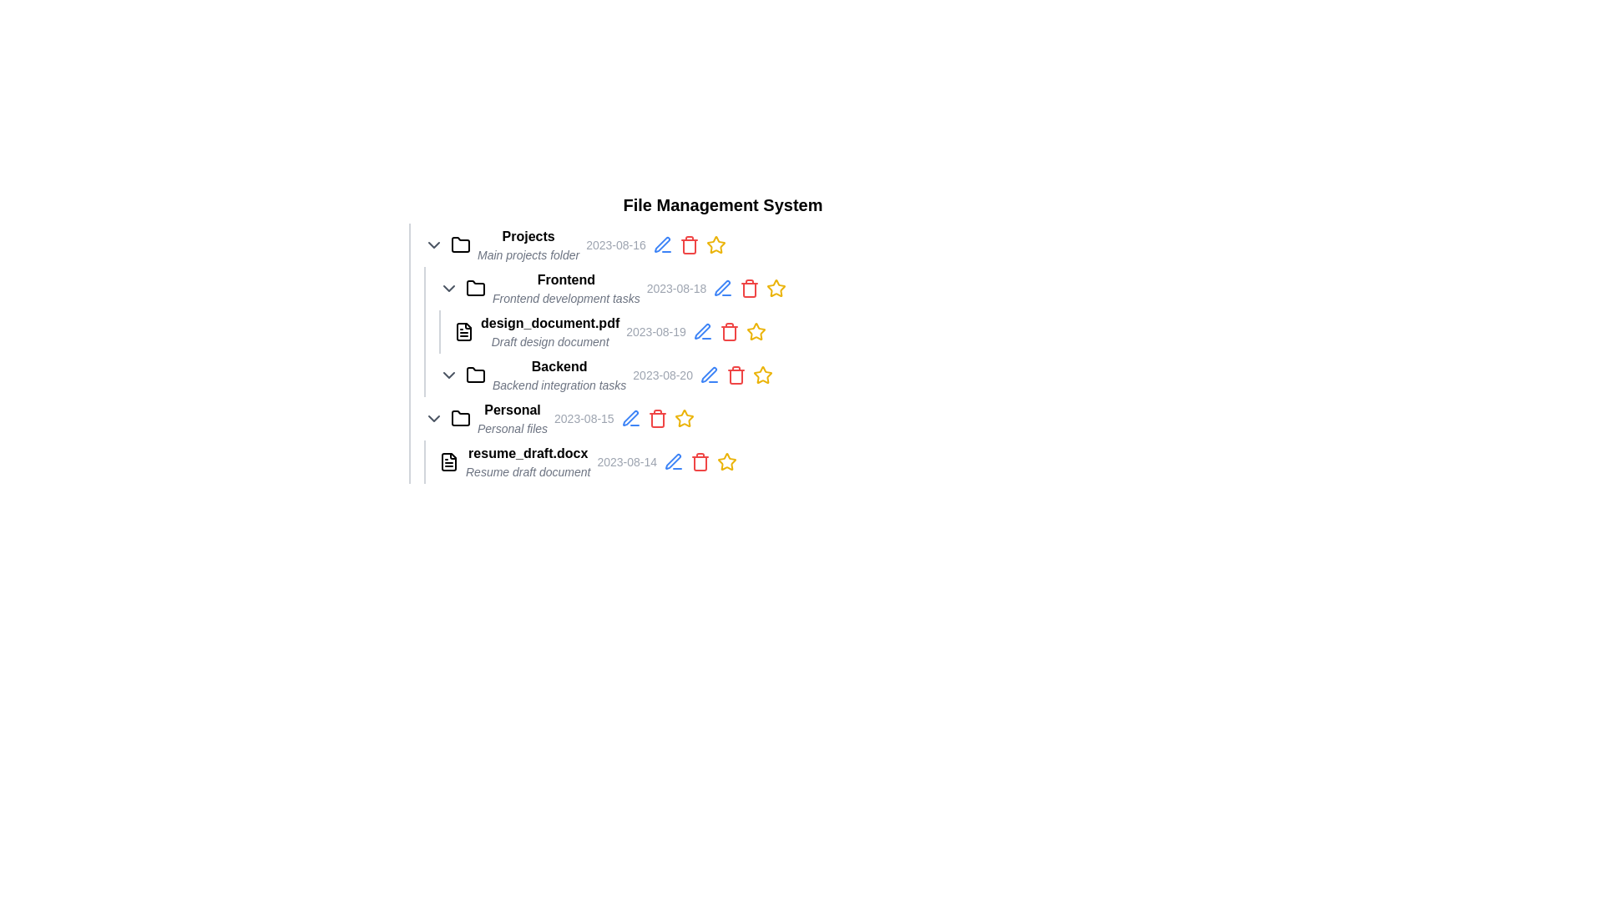 This screenshot has width=1603, height=901. What do you see at coordinates (716, 244) in the screenshot?
I see `the yellow star icon` at bounding box center [716, 244].